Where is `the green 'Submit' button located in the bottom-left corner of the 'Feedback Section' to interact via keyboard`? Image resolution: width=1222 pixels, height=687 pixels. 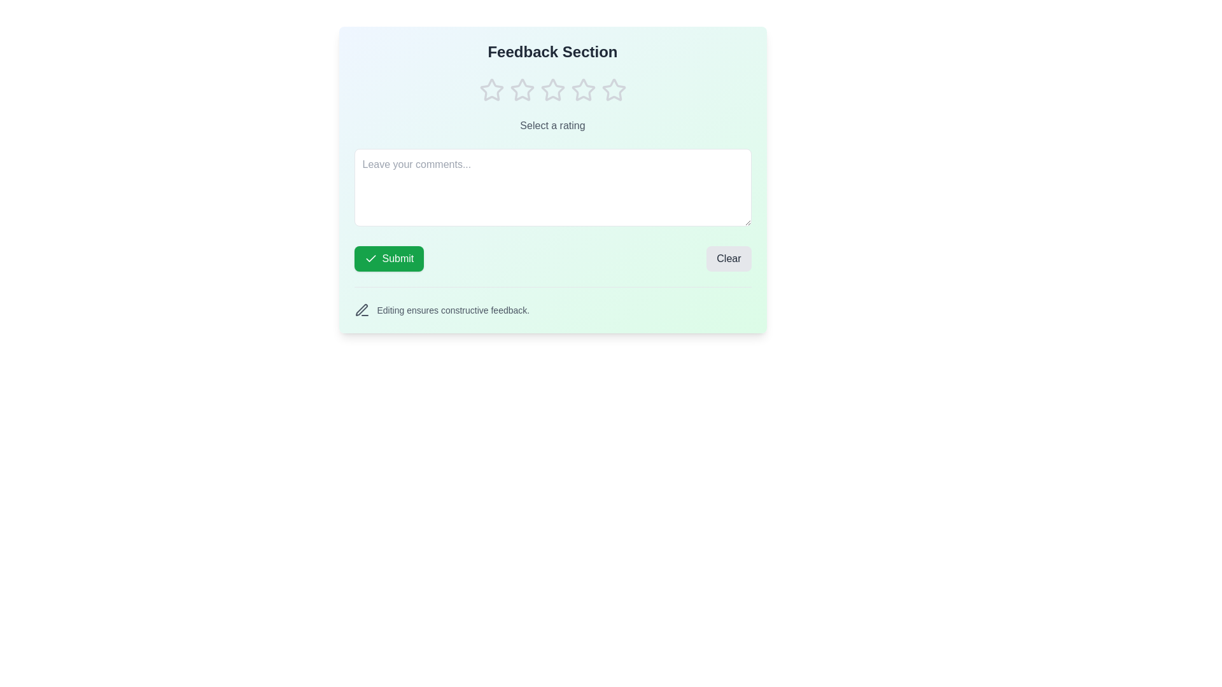 the green 'Submit' button located in the bottom-left corner of the 'Feedback Section' to interact via keyboard is located at coordinates (388, 258).